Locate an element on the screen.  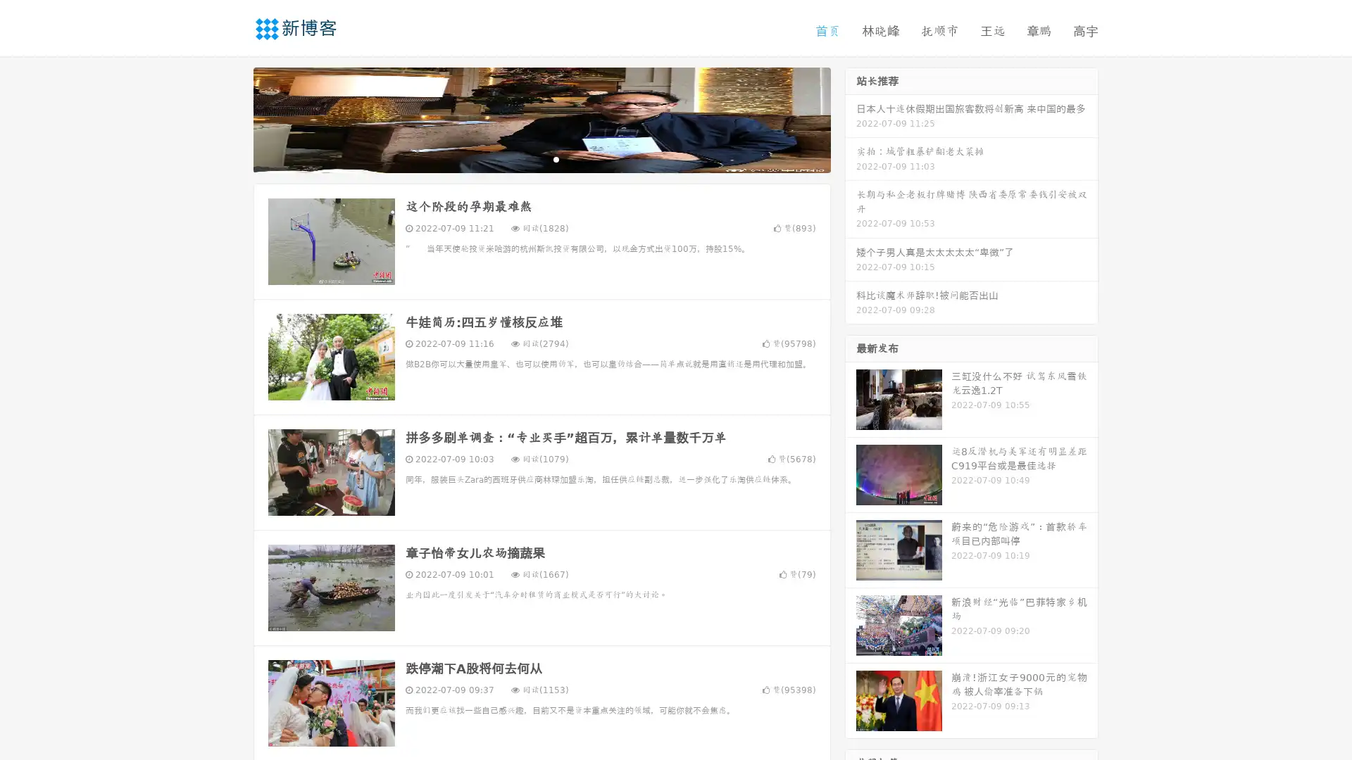
Go to slide 2 is located at coordinates (541, 158).